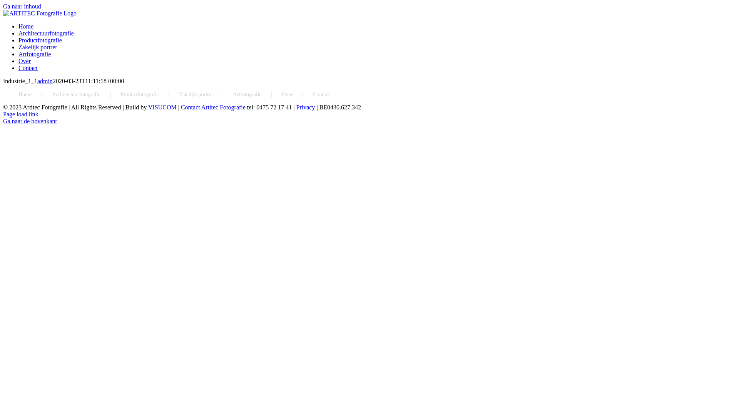 This screenshot has height=416, width=739. What do you see at coordinates (86, 94) in the screenshot?
I see `'Architectuurfotografie'` at bounding box center [86, 94].